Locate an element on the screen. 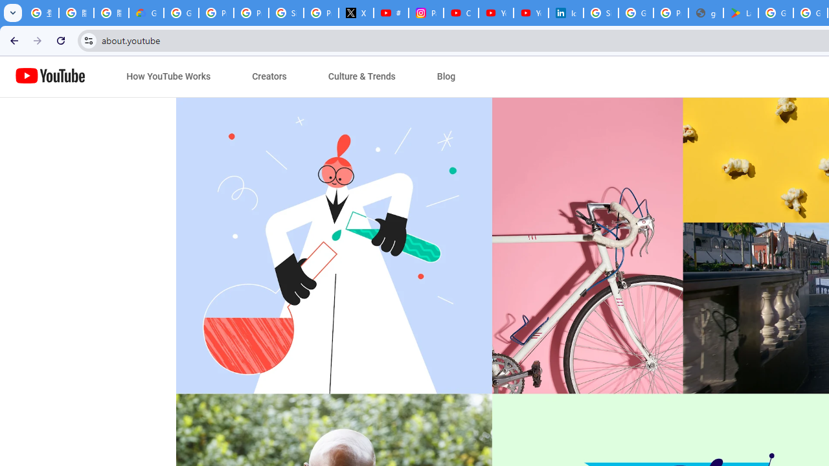 This screenshot has height=466, width=829. 'X' is located at coordinates (356, 13).